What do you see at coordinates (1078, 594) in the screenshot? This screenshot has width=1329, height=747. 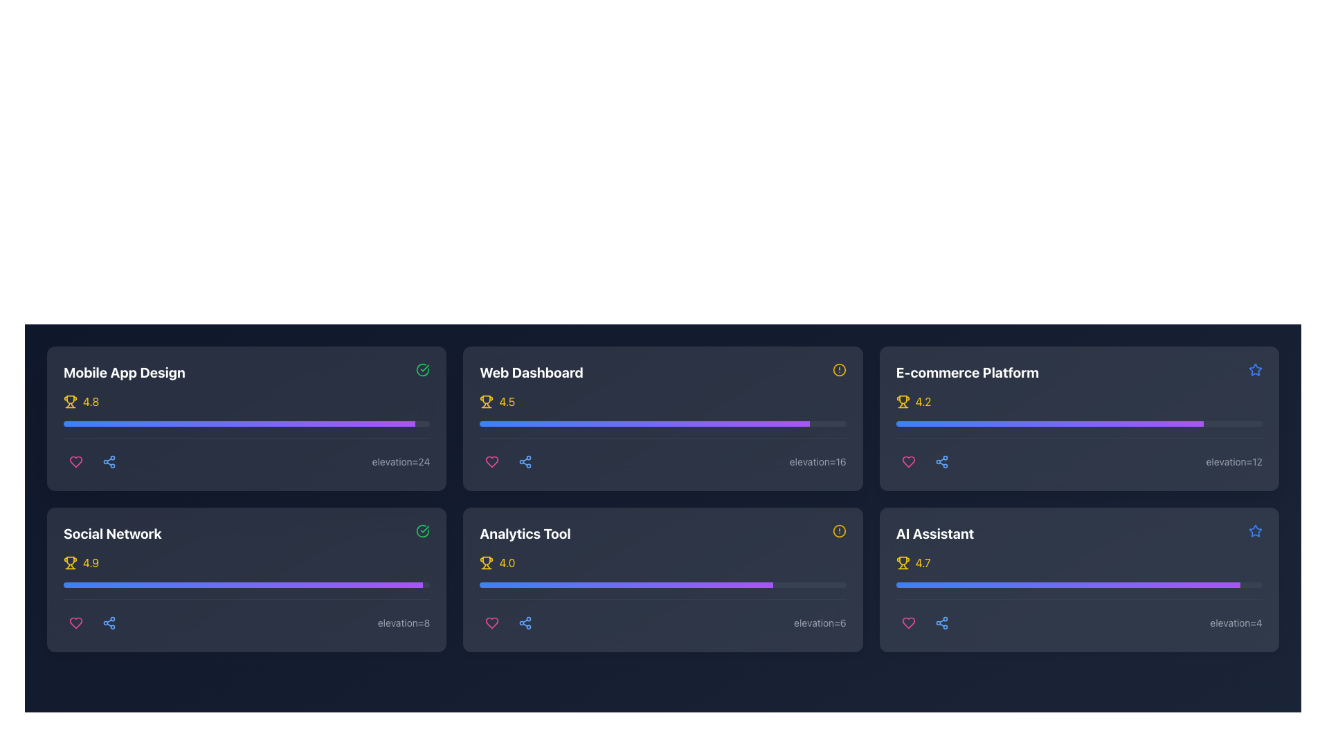 I see `the Progress Bar element located within the 'AI Assistant' card, positioned centrally between the rating '4.7' and 'elevation=4'` at bounding box center [1078, 594].